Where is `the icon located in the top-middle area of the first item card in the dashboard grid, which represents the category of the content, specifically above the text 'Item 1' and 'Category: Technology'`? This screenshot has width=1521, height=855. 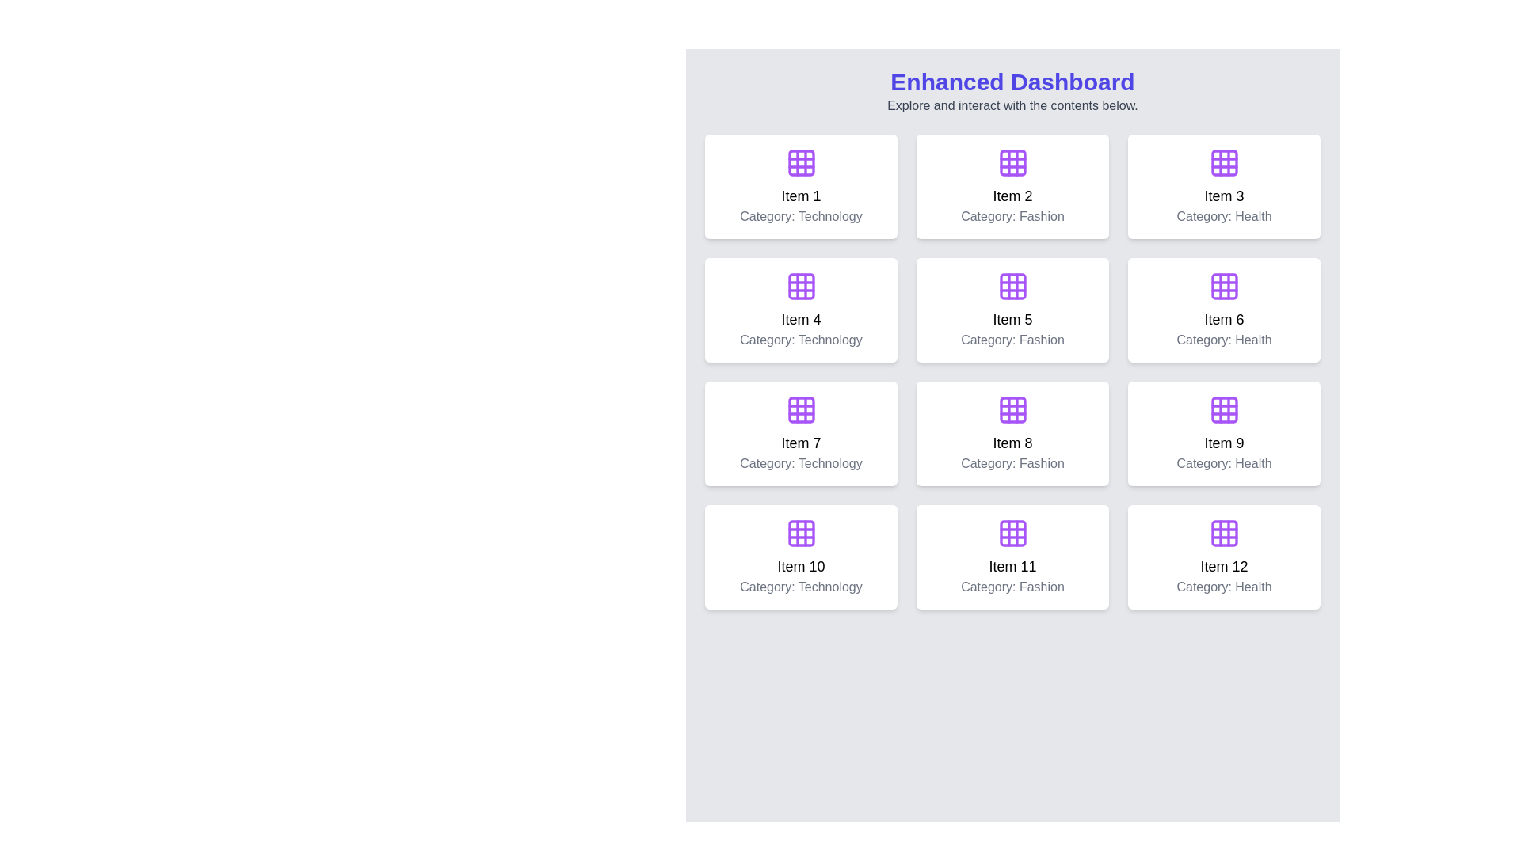
the icon located in the top-middle area of the first item card in the dashboard grid, which represents the category of the content, specifically above the text 'Item 1' and 'Category: Technology' is located at coordinates (801, 162).